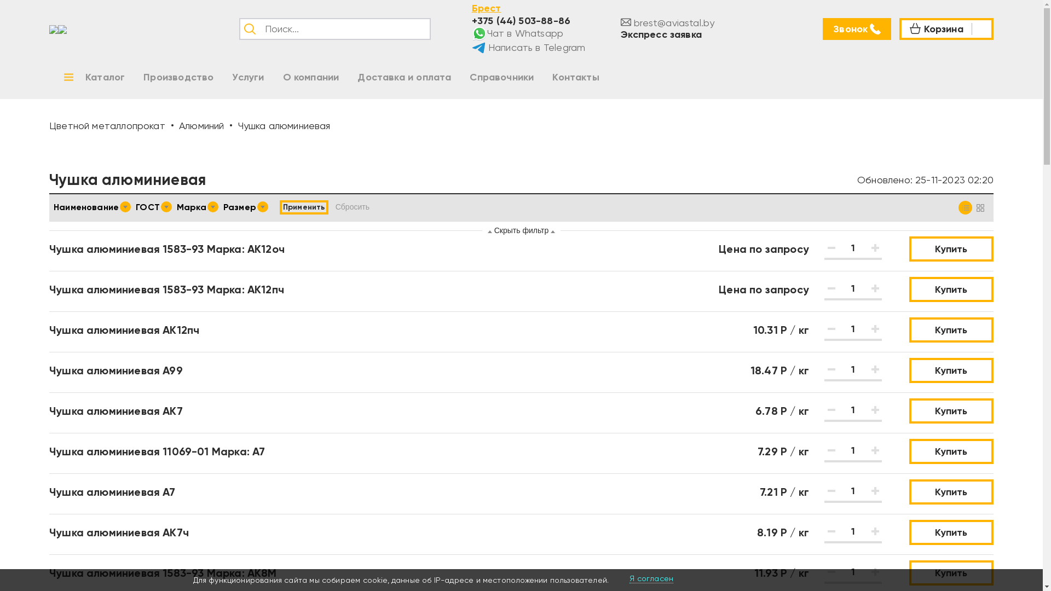  What do you see at coordinates (520, 20) in the screenshot?
I see `'+375 (44) 503-88-86'` at bounding box center [520, 20].